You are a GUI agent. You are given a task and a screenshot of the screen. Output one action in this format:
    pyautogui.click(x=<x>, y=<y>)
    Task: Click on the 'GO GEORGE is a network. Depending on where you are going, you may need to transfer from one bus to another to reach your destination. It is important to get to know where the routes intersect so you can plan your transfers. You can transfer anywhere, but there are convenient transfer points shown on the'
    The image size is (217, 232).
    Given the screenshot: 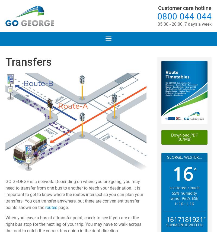 What is the action you would take?
    pyautogui.click(x=74, y=194)
    